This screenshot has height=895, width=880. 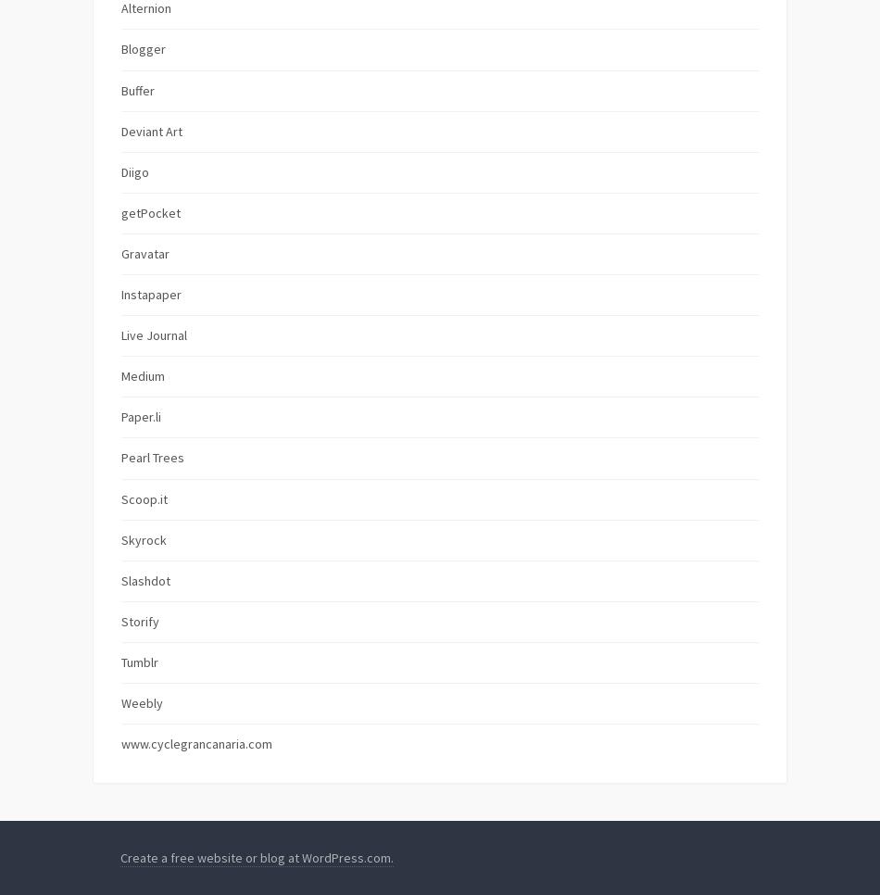 I want to click on 'Weebly', so click(x=121, y=702).